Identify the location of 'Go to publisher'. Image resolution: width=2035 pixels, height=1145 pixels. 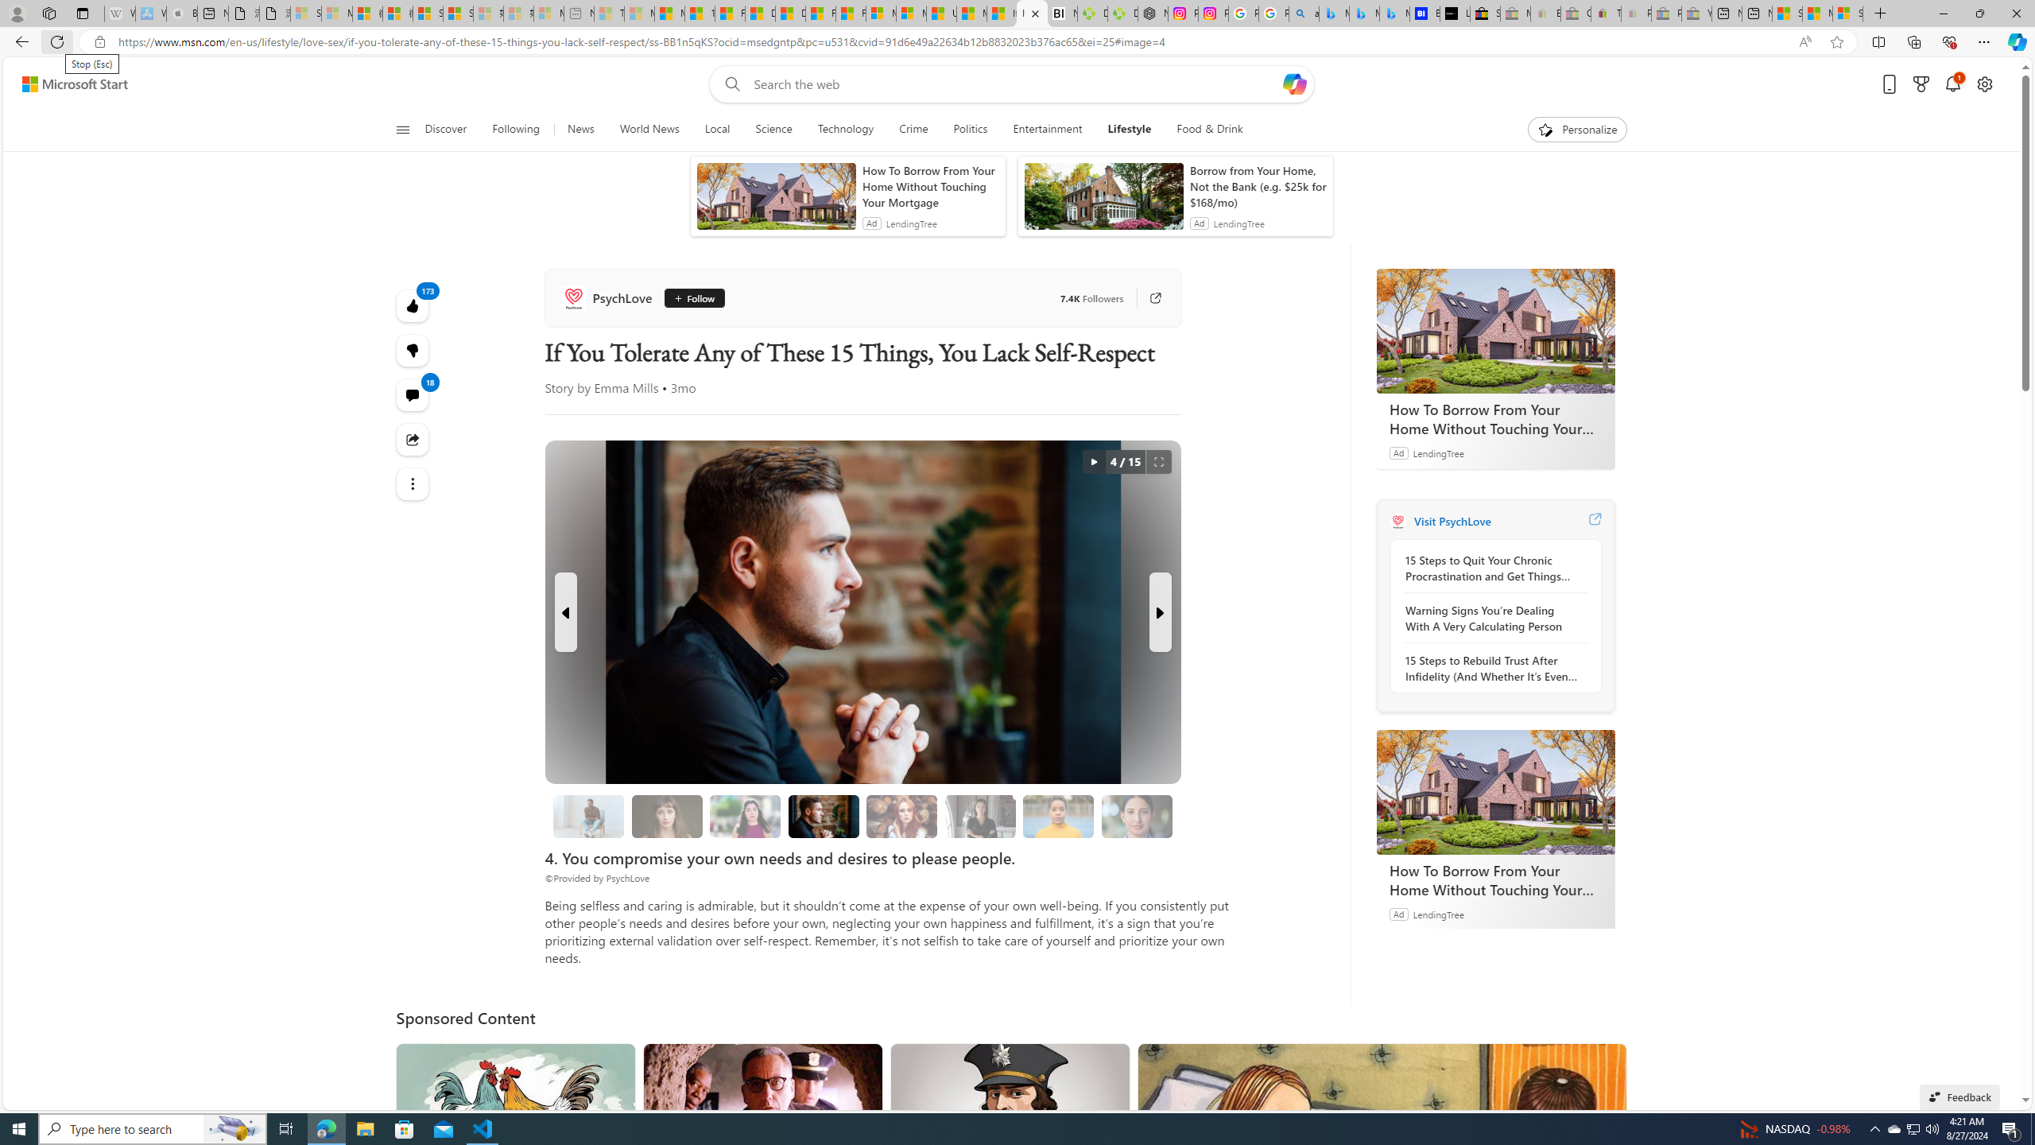
(1156, 298).